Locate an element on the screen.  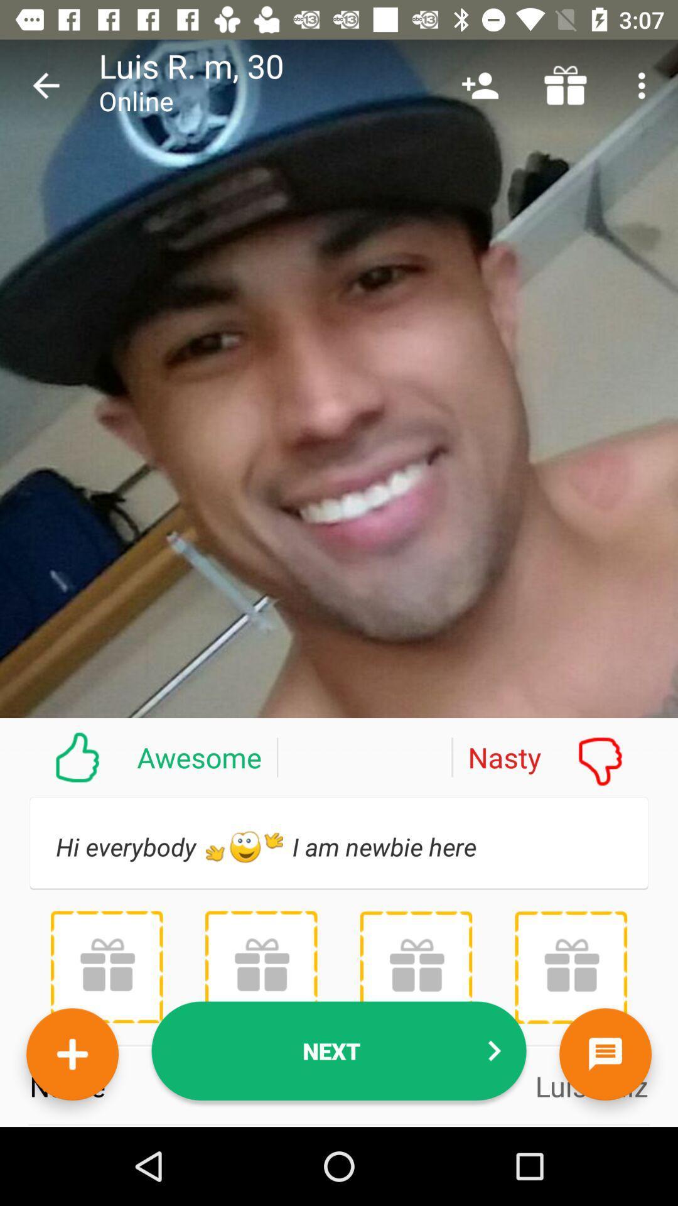
send a message is located at coordinates (605, 1054).